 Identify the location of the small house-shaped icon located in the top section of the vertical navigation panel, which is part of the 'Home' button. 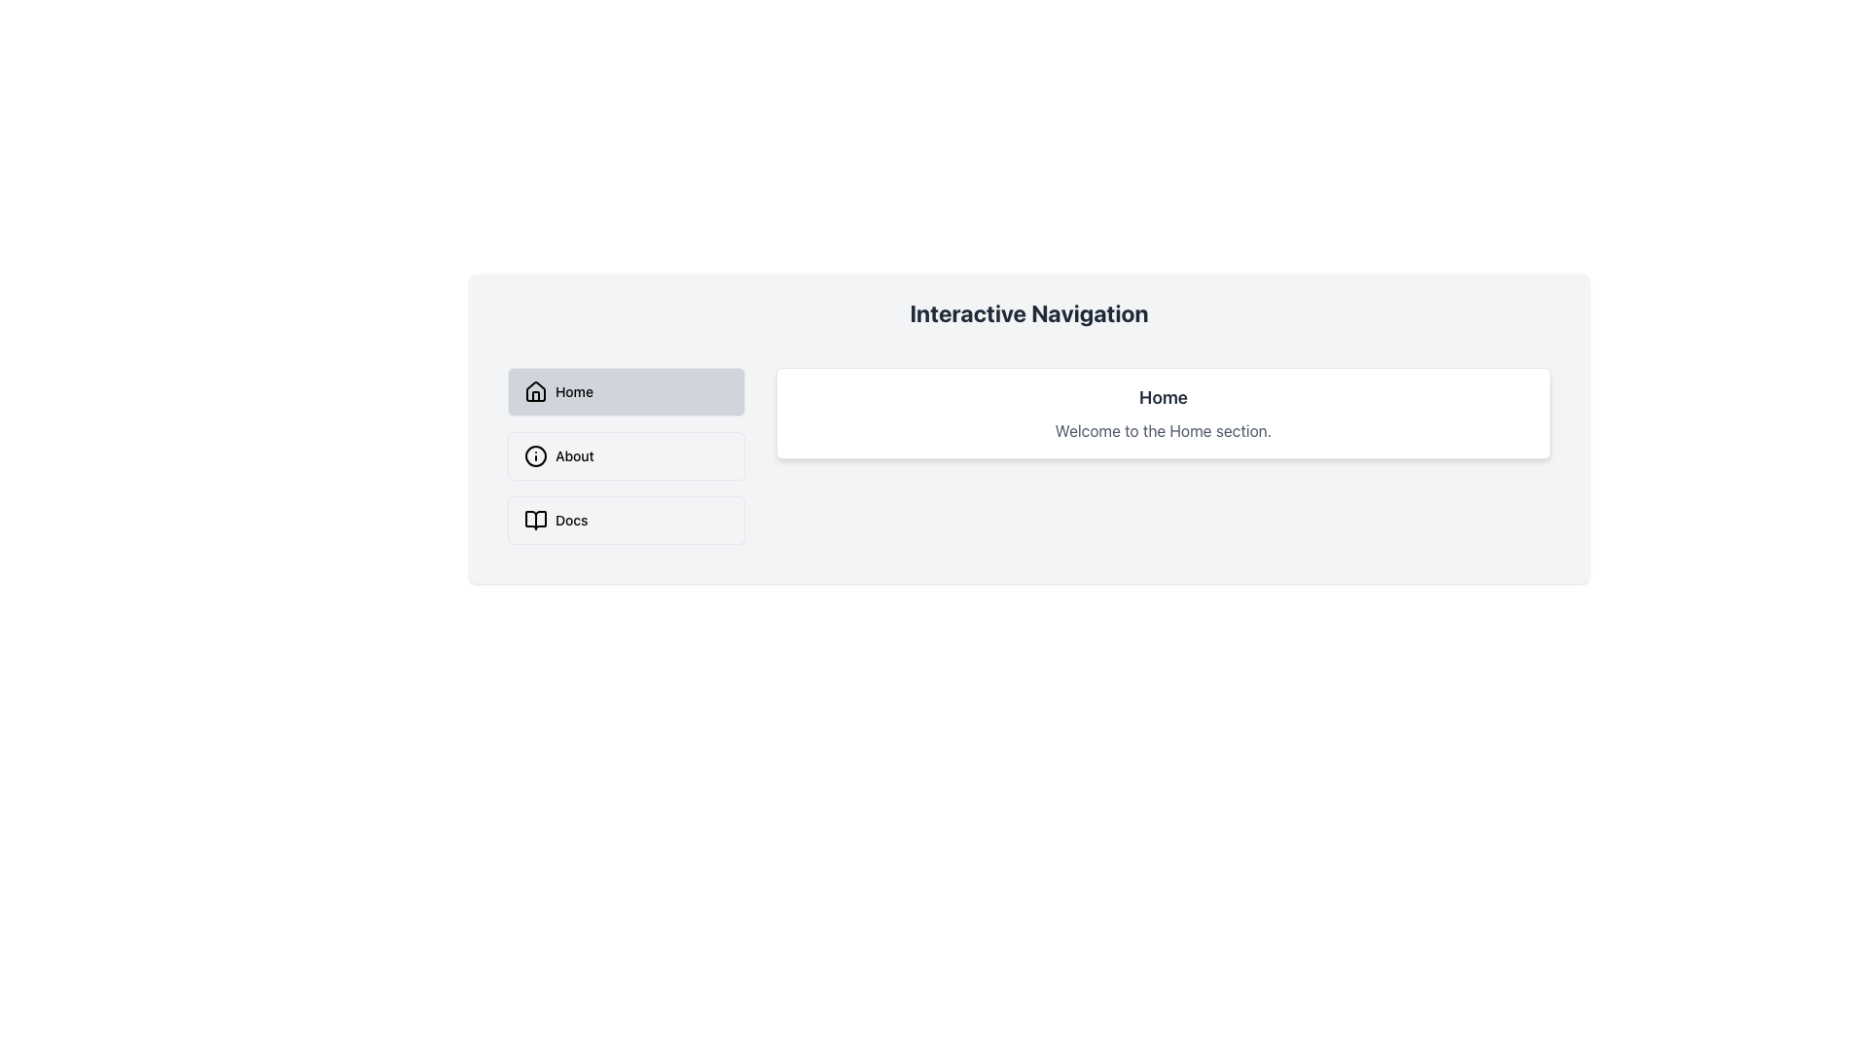
(536, 391).